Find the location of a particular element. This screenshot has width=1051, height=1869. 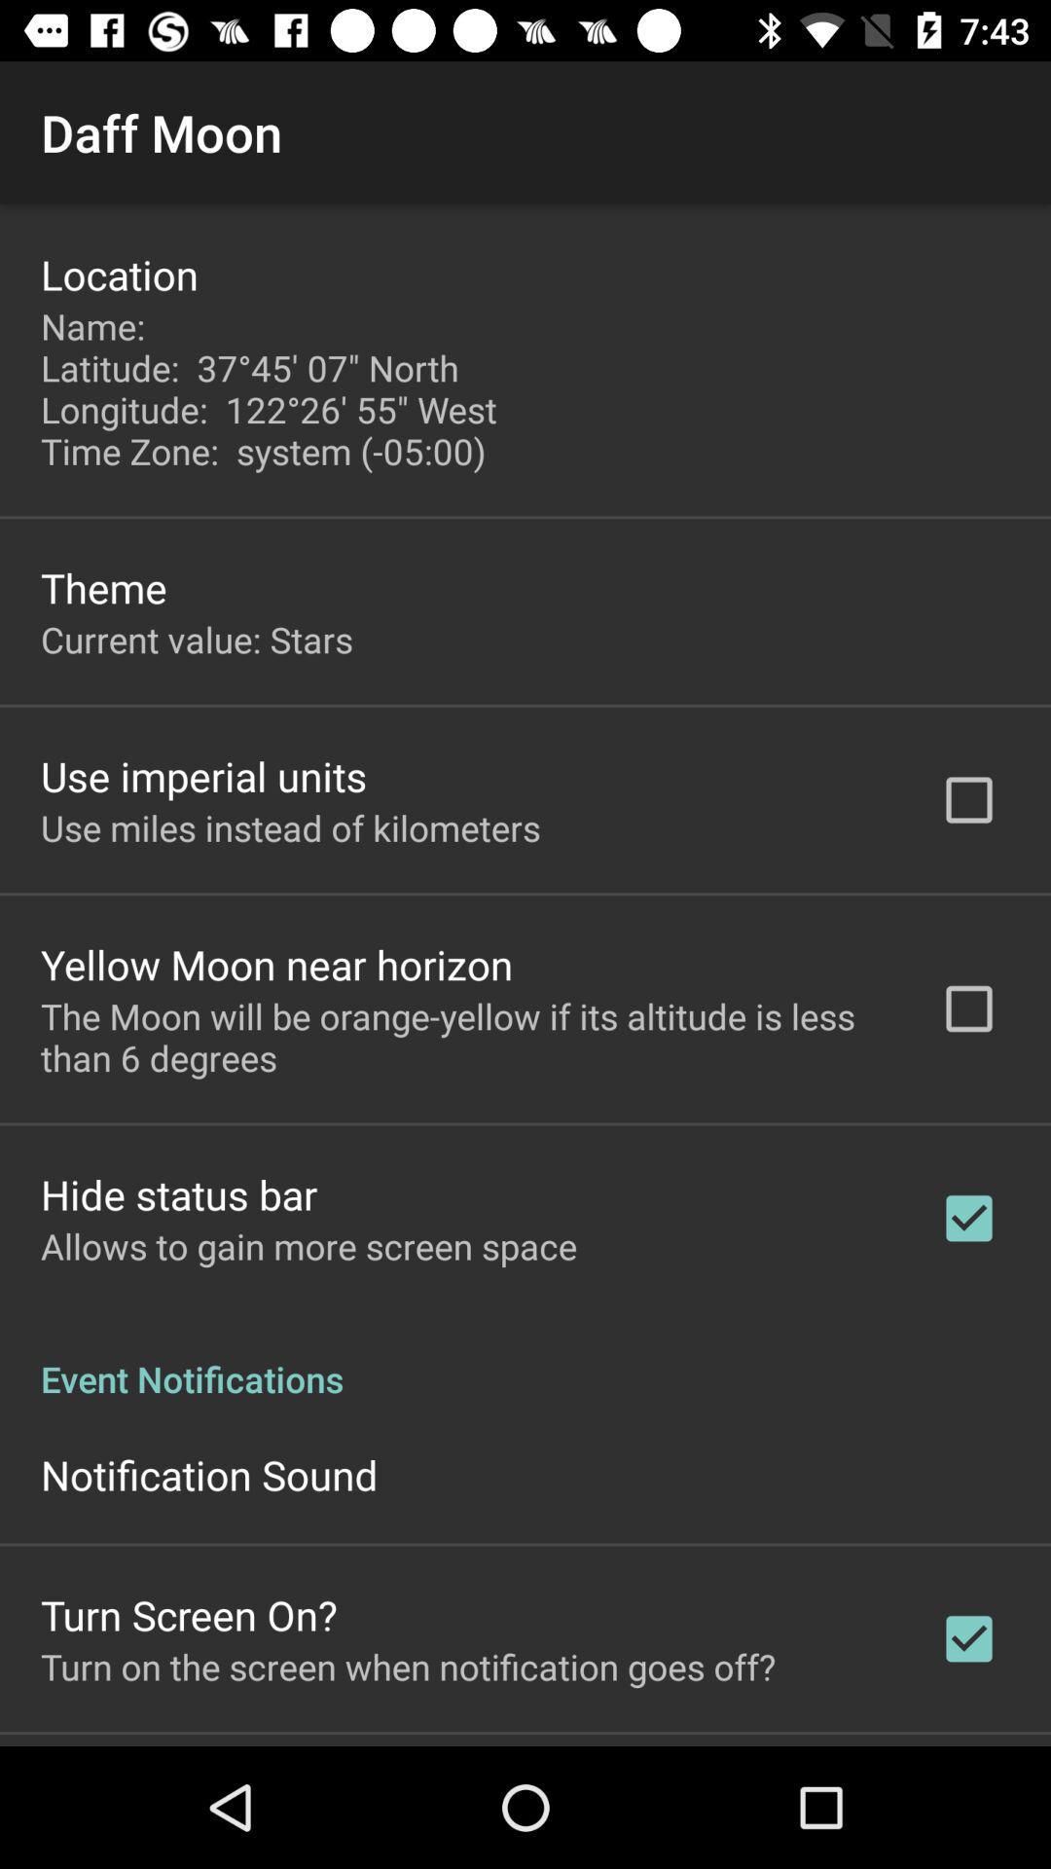

theme app is located at coordinates (103, 586).